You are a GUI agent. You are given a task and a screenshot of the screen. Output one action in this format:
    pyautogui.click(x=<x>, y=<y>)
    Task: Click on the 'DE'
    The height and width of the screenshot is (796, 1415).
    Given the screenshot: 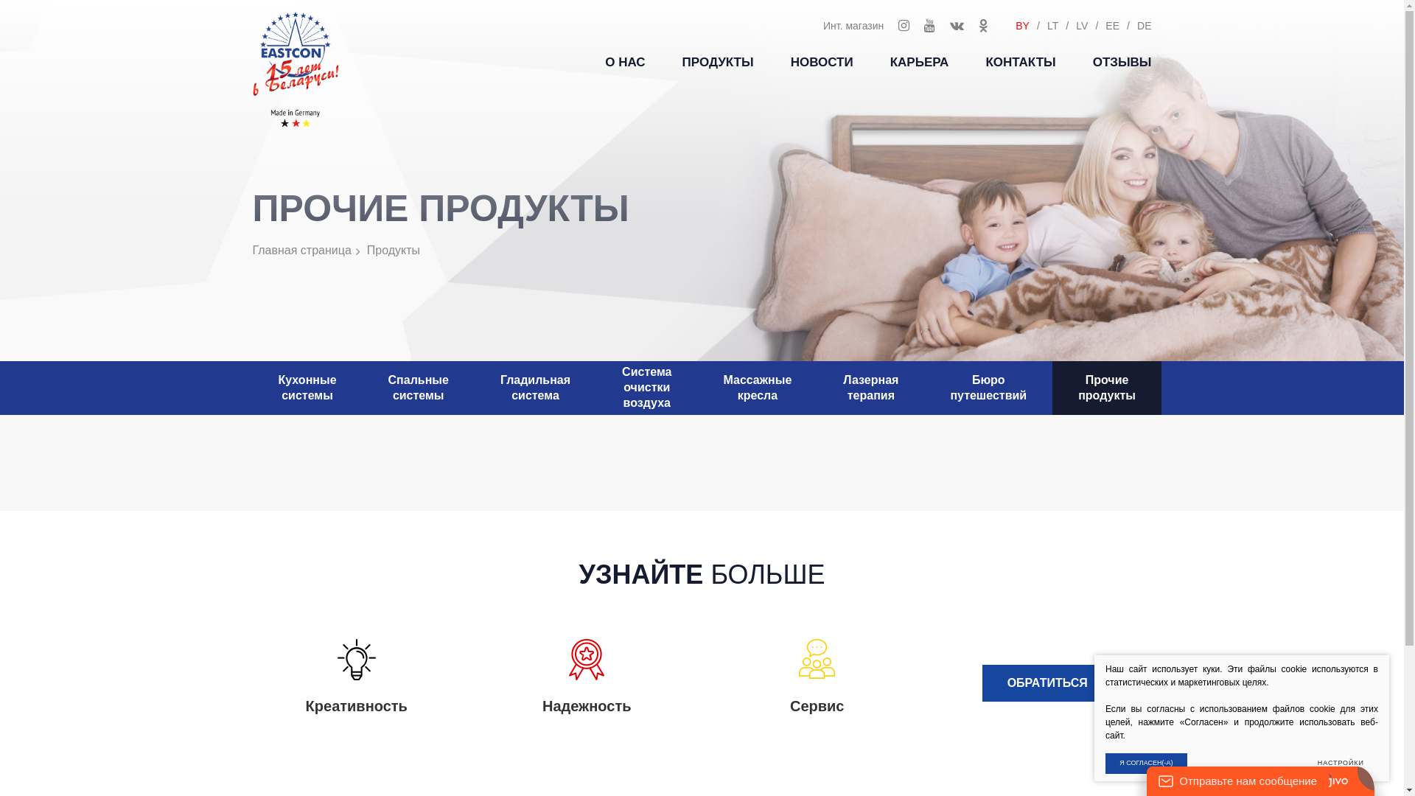 What is the action you would take?
    pyautogui.click(x=1128, y=26)
    